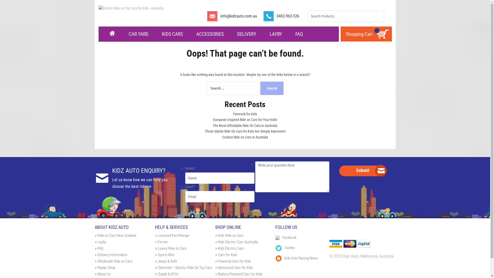 Image resolution: width=494 pixels, height=278 pixels. What do you see at coordinates (103, 274) in the screenshot?
I see `'About Us'` at bounding box center [103, 274].